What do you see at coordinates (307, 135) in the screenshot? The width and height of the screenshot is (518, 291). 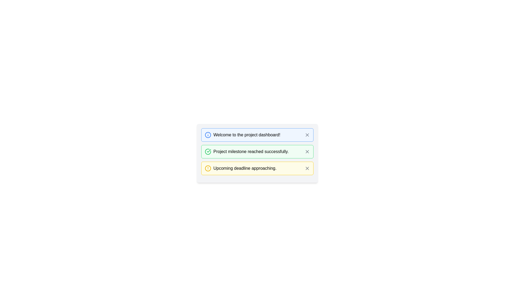 I see `the close icon button located in the top right corner of the blue notification box that contains the text 'Welcome to the project dashboard!'` at bounding box center [307, 135].